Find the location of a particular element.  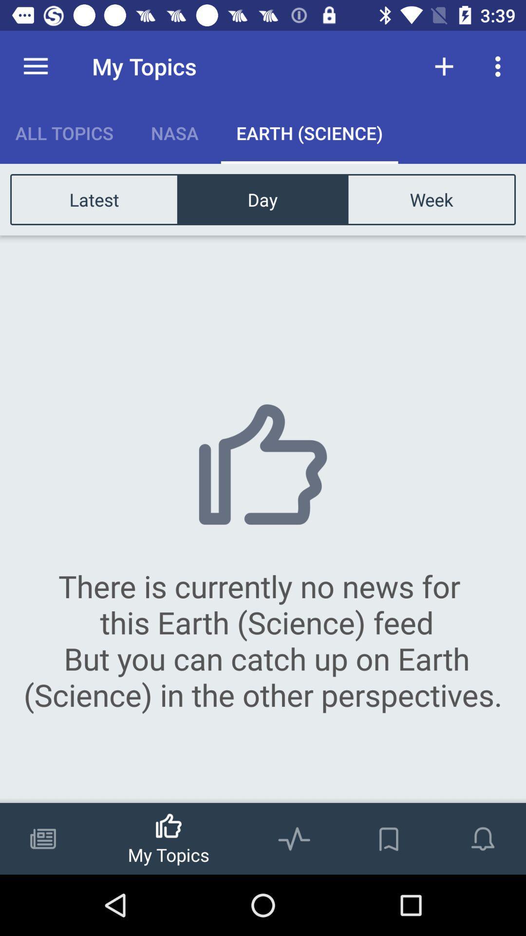

icon above there is currently is located at coordinates (431, 199).